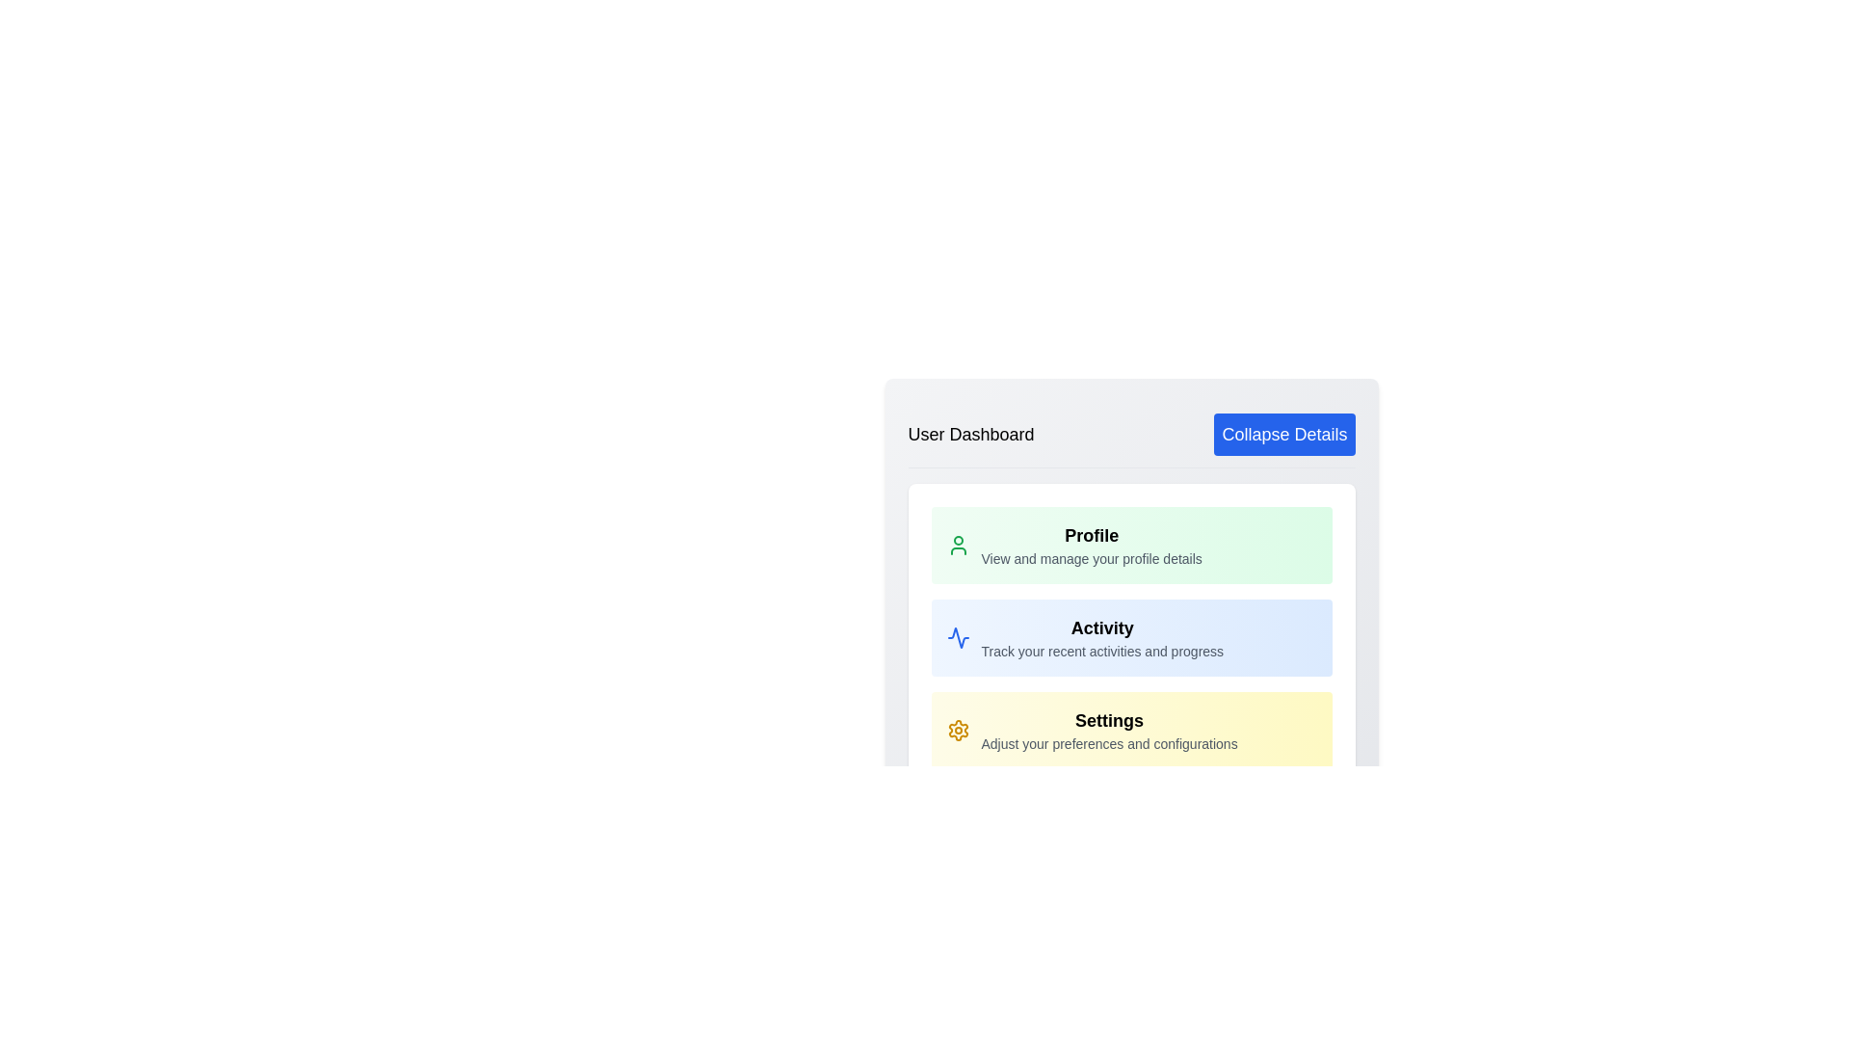 This screenshot has height=1041, width=1850. I want to click on the 'Activity' button in the user dashboard, so click(1131, 638).